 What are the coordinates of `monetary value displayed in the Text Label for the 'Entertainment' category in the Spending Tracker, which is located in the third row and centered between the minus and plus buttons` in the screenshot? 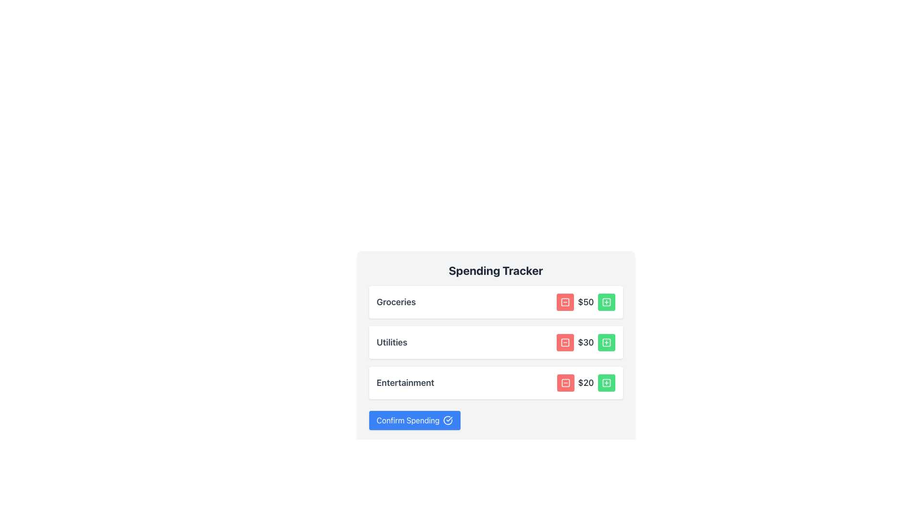 It's located at (586, 383).